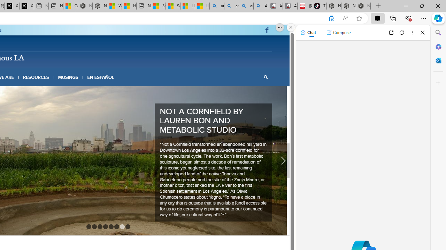 This screenshot has width=446, height=250. I want to click on 'RESOURCES', so click(36, 77).